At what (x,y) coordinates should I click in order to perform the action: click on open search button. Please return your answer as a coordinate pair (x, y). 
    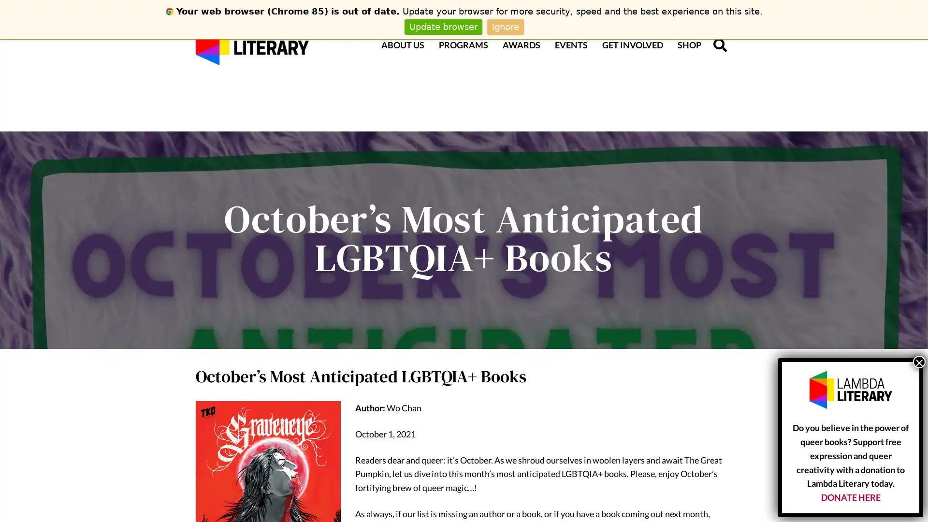
    Looking at the image, I should click on (720, 44).